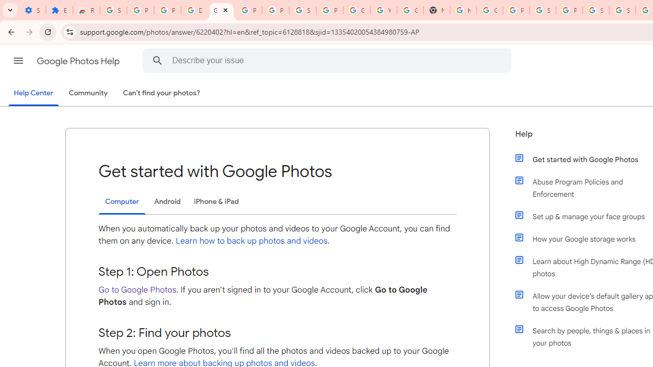 The image size is (653, 367). What do you see at coordinates (157, 60) in the screenshot?
I see `'Search Help Center'` at bounding box center [157, 60].